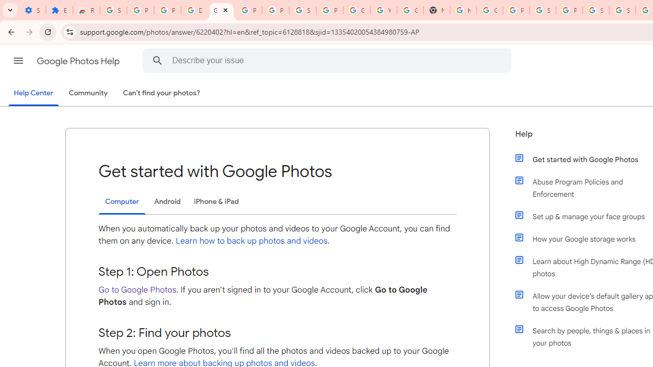 The image size is (653, 367). What do you see at coordinates (157, 60) in the screenshot?
I see `'Search Help Center'` at bounding box center [157, 60].